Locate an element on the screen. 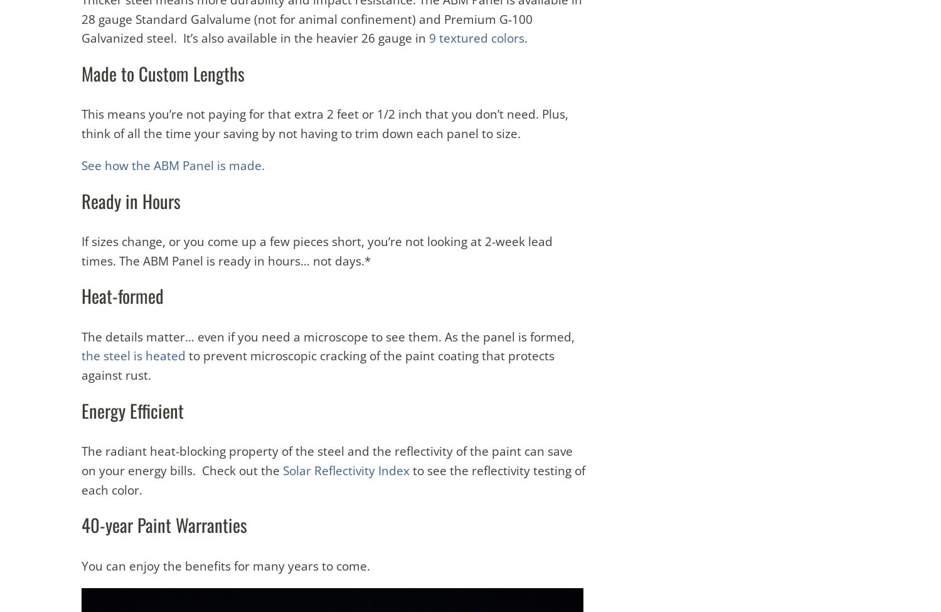  'the steel is heated' is located at coordinates (132, 355).